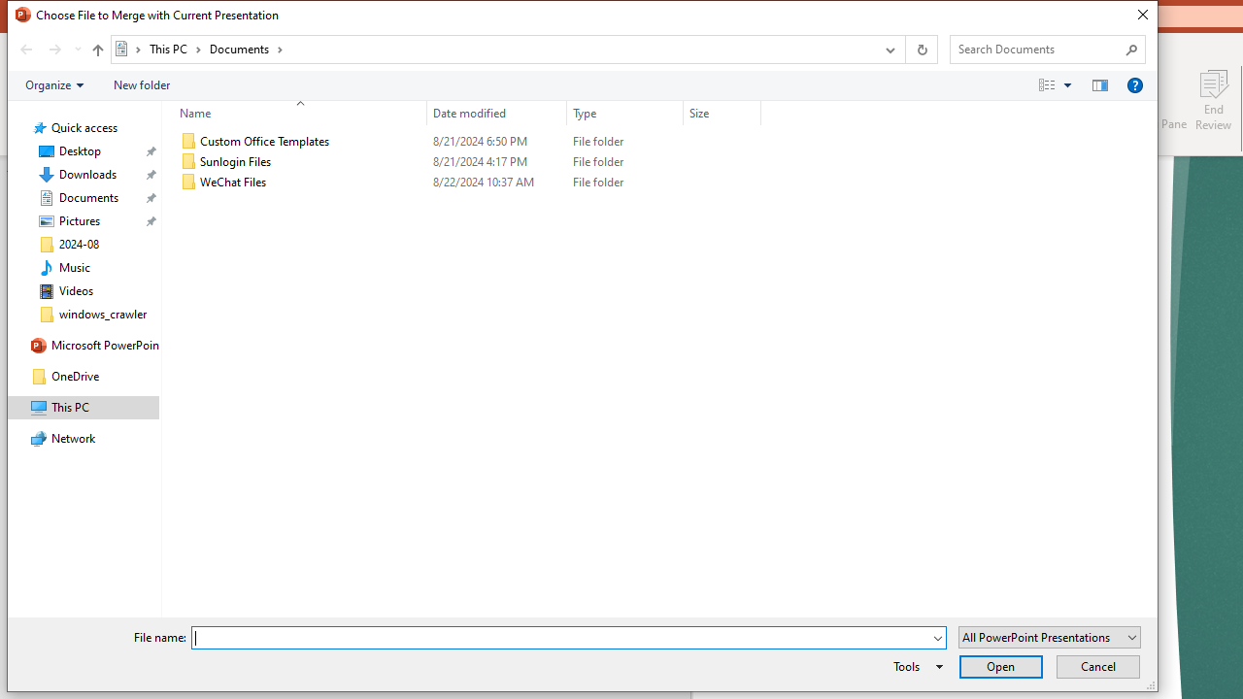 This screenshot has width=1243, height=699. I want to click on 'Custom Office Templates', so click(466, 141).